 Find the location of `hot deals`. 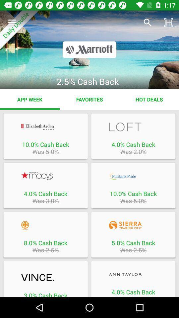

hot deals is located at coordinates (149, 99).